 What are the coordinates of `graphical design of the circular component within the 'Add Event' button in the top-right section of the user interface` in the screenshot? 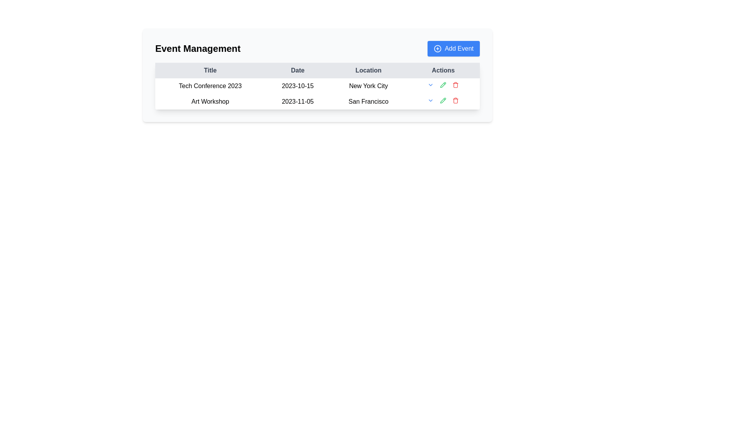 It's located at (438, 48).